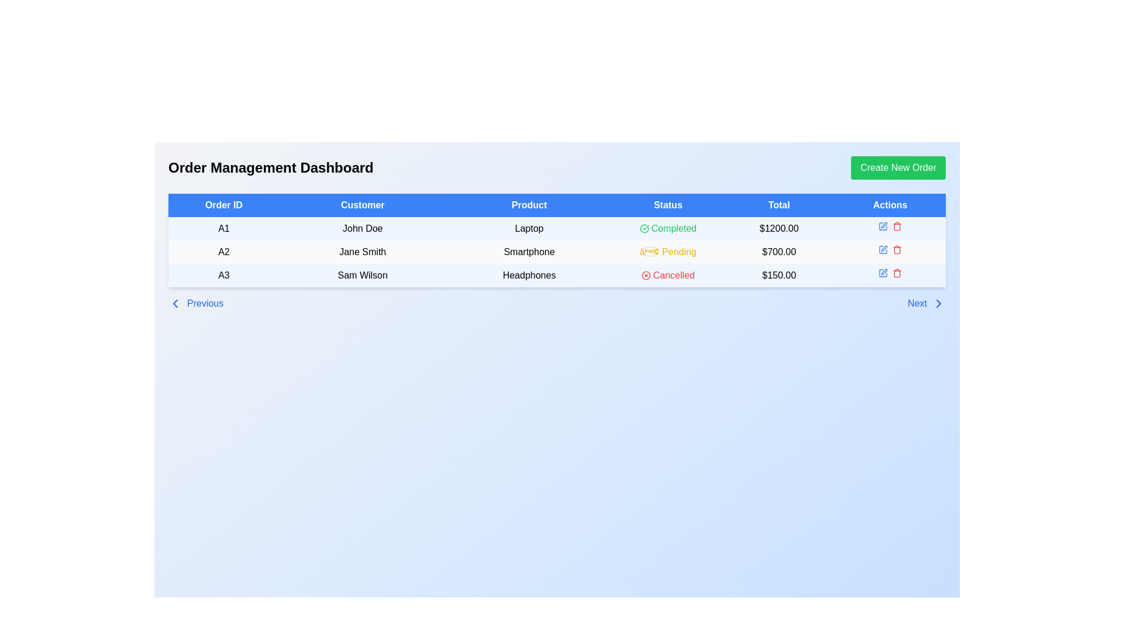 The image size is (1123, 632). What do you see at coordinates (196, 303) in the screenshot?
I see `the 'Previous' link on the left side of the navigation` at bounding box center [196, 303].